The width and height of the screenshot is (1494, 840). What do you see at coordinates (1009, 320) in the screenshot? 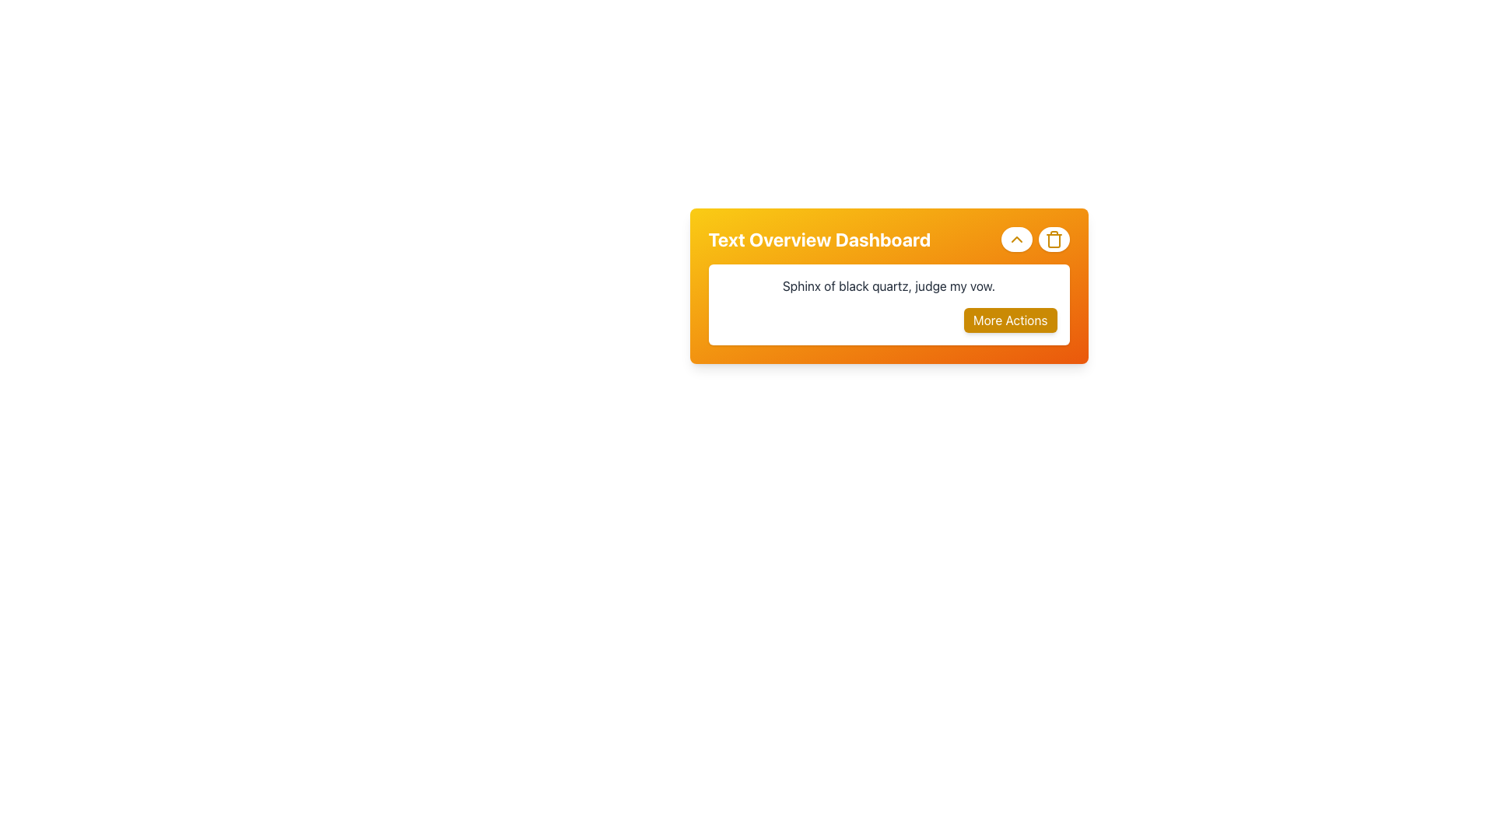
I see `the button located at the bottom-right corner of the 'Text Overview Dashboard' panel` at bounding box center [1009, 320].